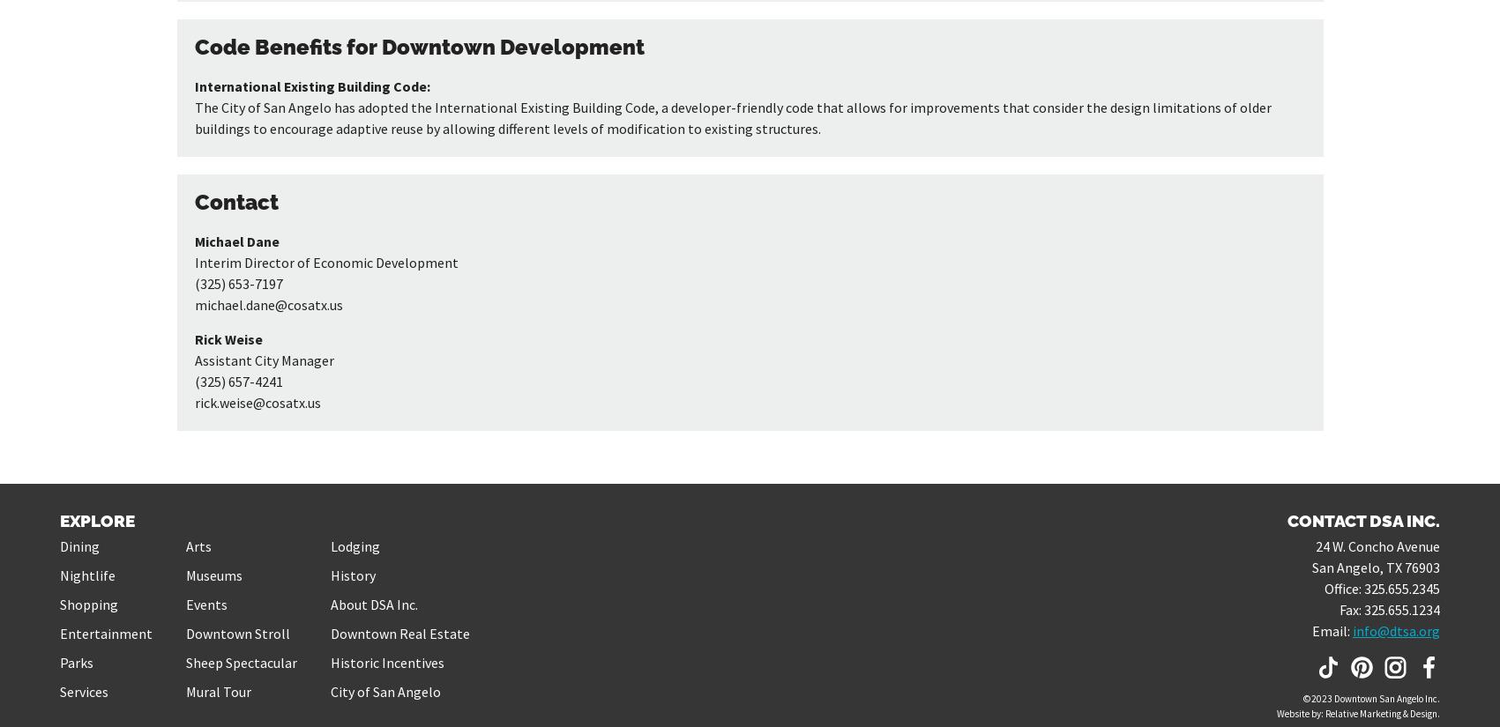 The height and width of the screenshot is (727, 1500). Describe the element at coordinates (257, 401) in the screenshot. I see `'rick.weise@cosatx.us'` at that location.